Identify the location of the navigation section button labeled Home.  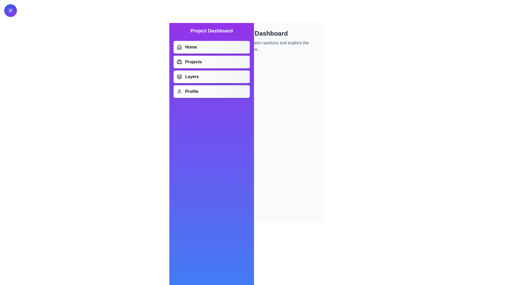
(212, 47).